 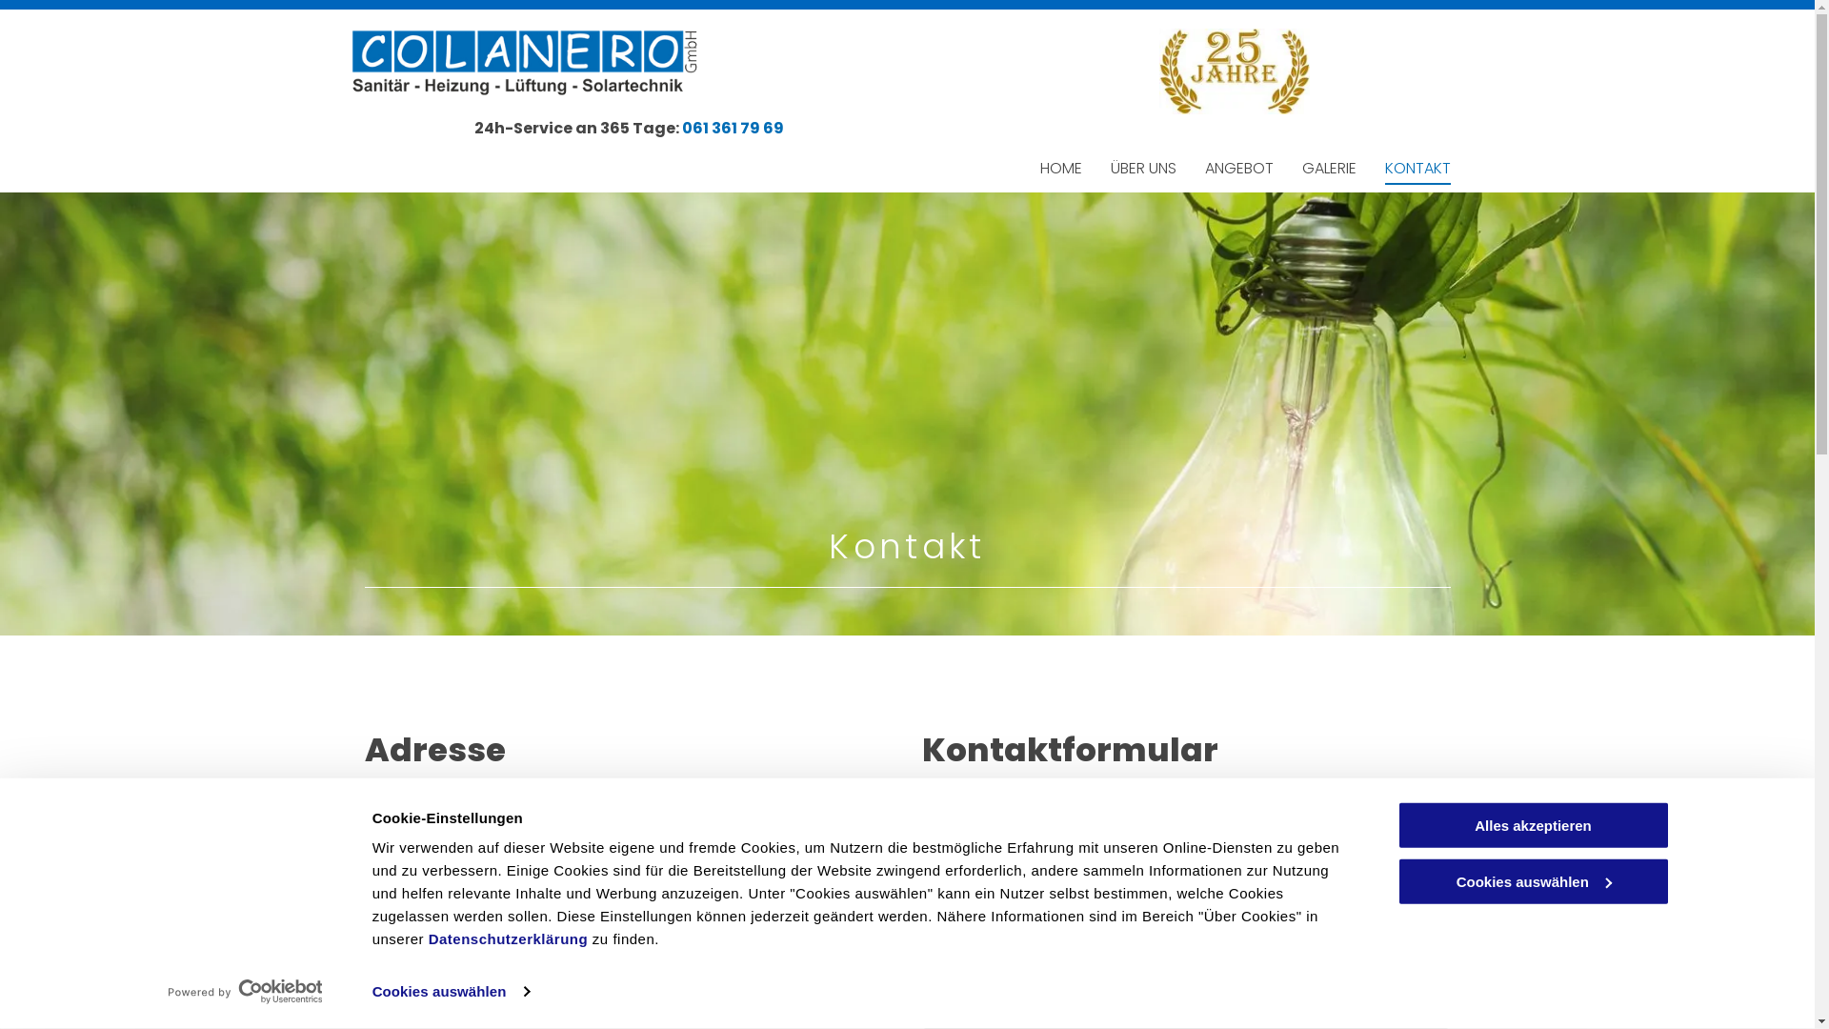 What do you see at coordinates (1532, 824) in the screenshot?
I see `'Alles akzeptieren'` at bounding box center [1532, 824].